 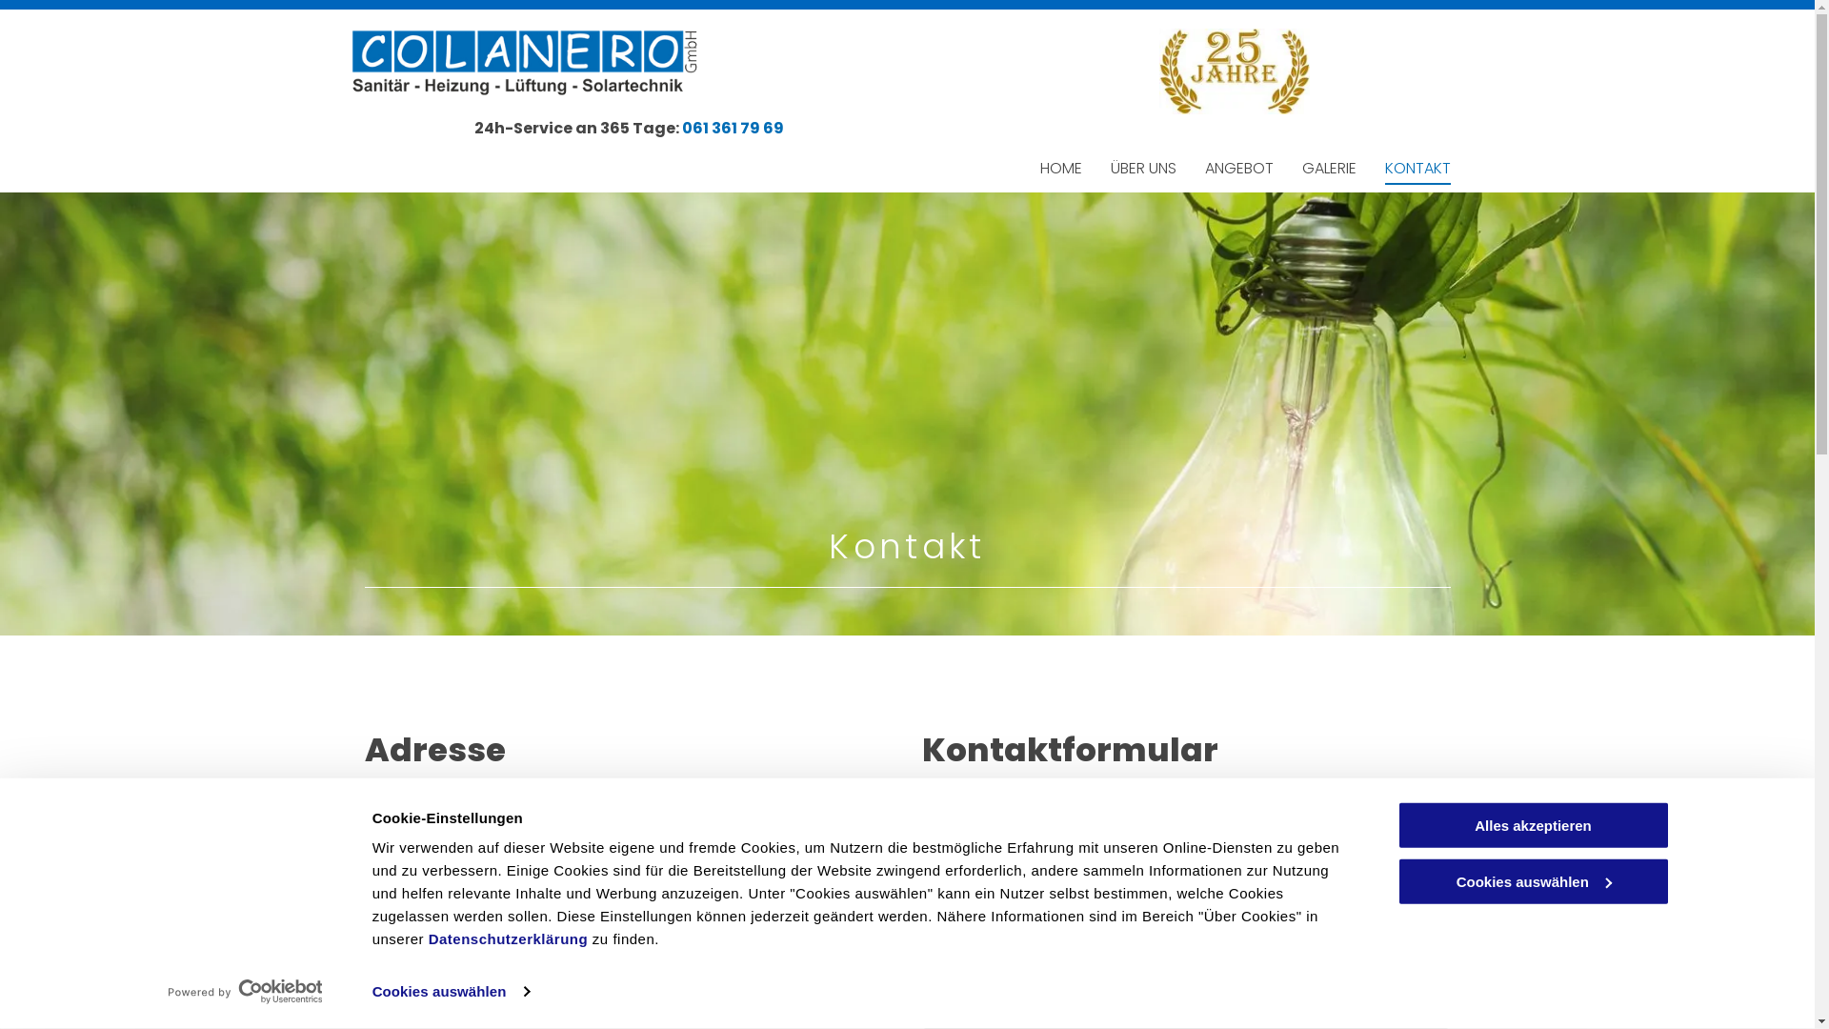 What do you see at coordinates (1532, 824) in the screenshot?
I see `'Alles akzeptieren'` at bounding box center [1532, 824].